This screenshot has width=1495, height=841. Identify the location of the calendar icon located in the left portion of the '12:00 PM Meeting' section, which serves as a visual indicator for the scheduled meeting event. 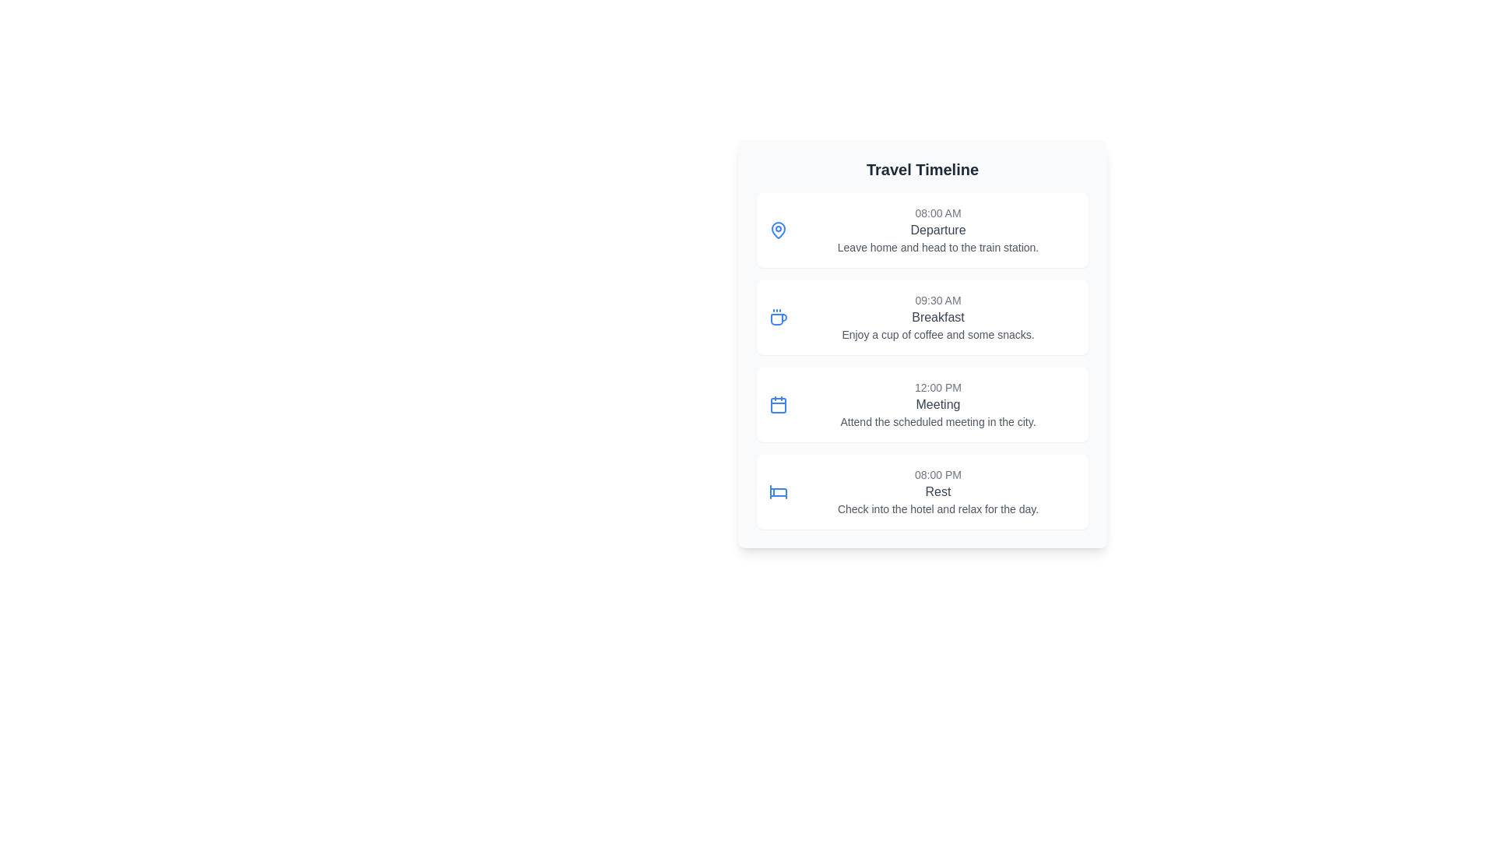
(778, 404).